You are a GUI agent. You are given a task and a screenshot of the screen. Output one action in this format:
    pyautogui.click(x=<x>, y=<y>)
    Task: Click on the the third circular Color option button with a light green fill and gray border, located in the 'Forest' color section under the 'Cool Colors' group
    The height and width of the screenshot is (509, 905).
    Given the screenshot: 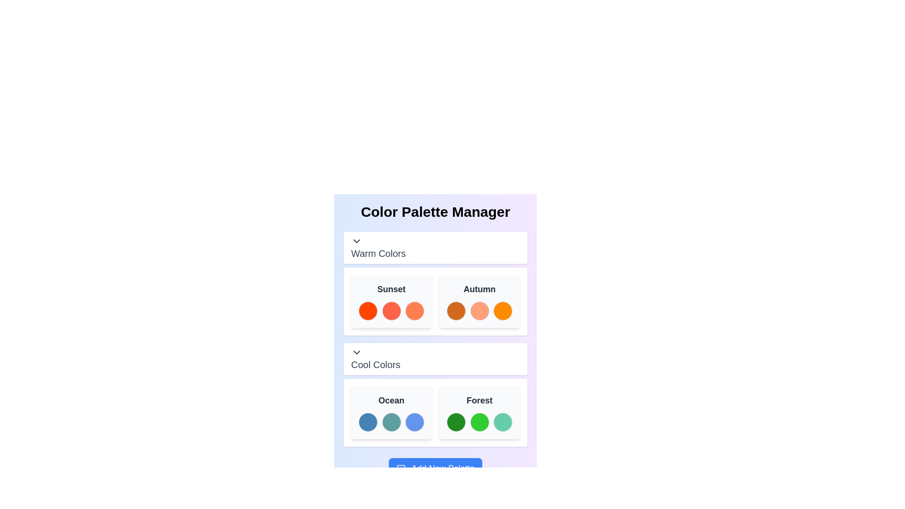 What is the action you would take?
    pyautogui.click(x=502, y=421)
    